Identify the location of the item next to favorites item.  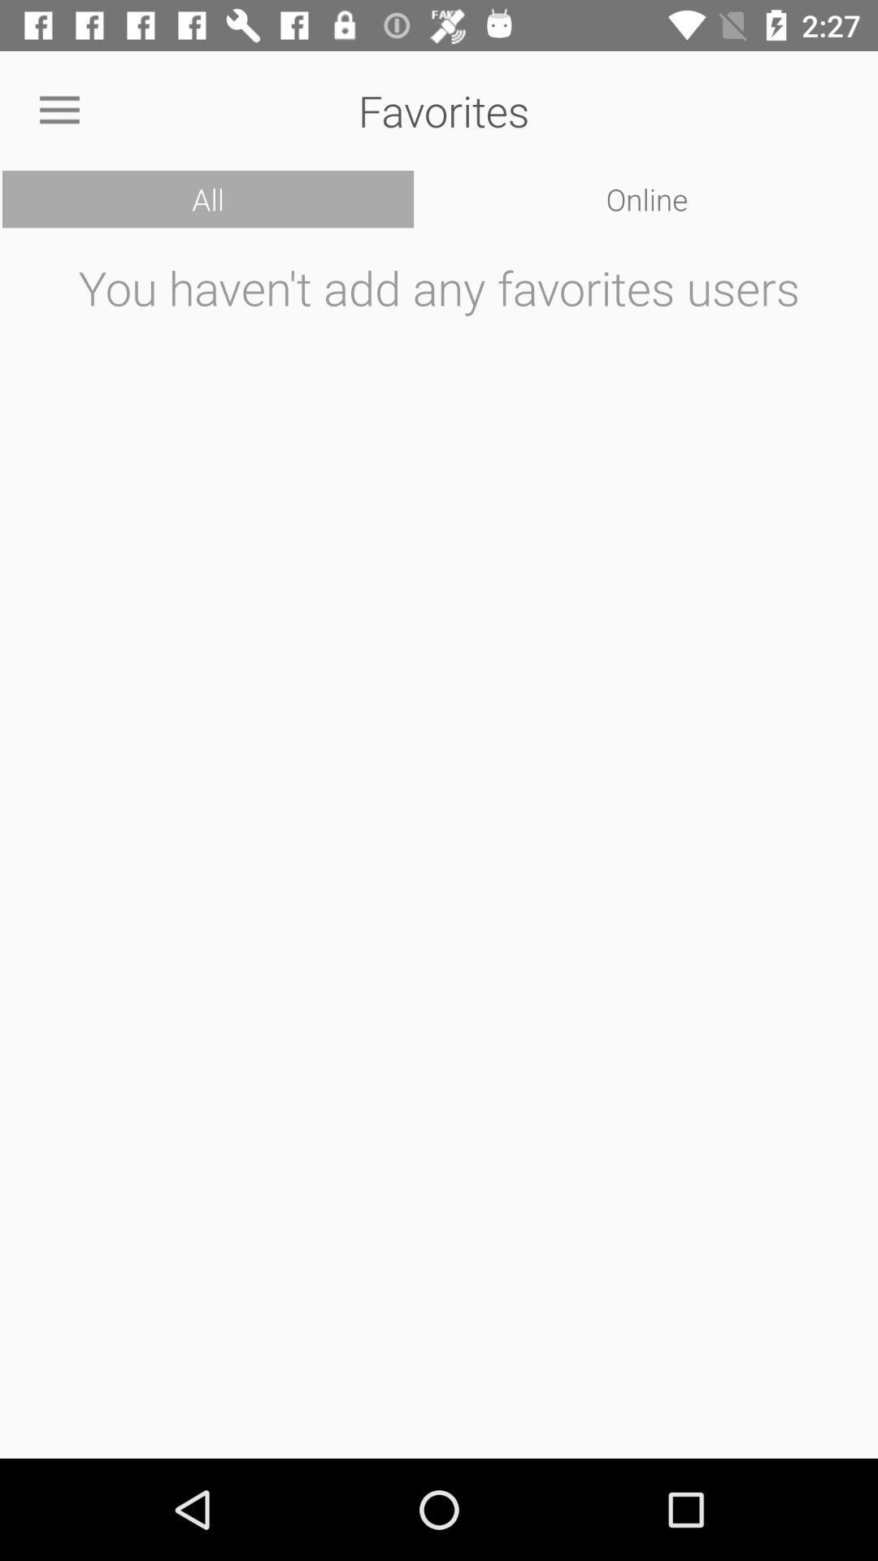
(59, 110).